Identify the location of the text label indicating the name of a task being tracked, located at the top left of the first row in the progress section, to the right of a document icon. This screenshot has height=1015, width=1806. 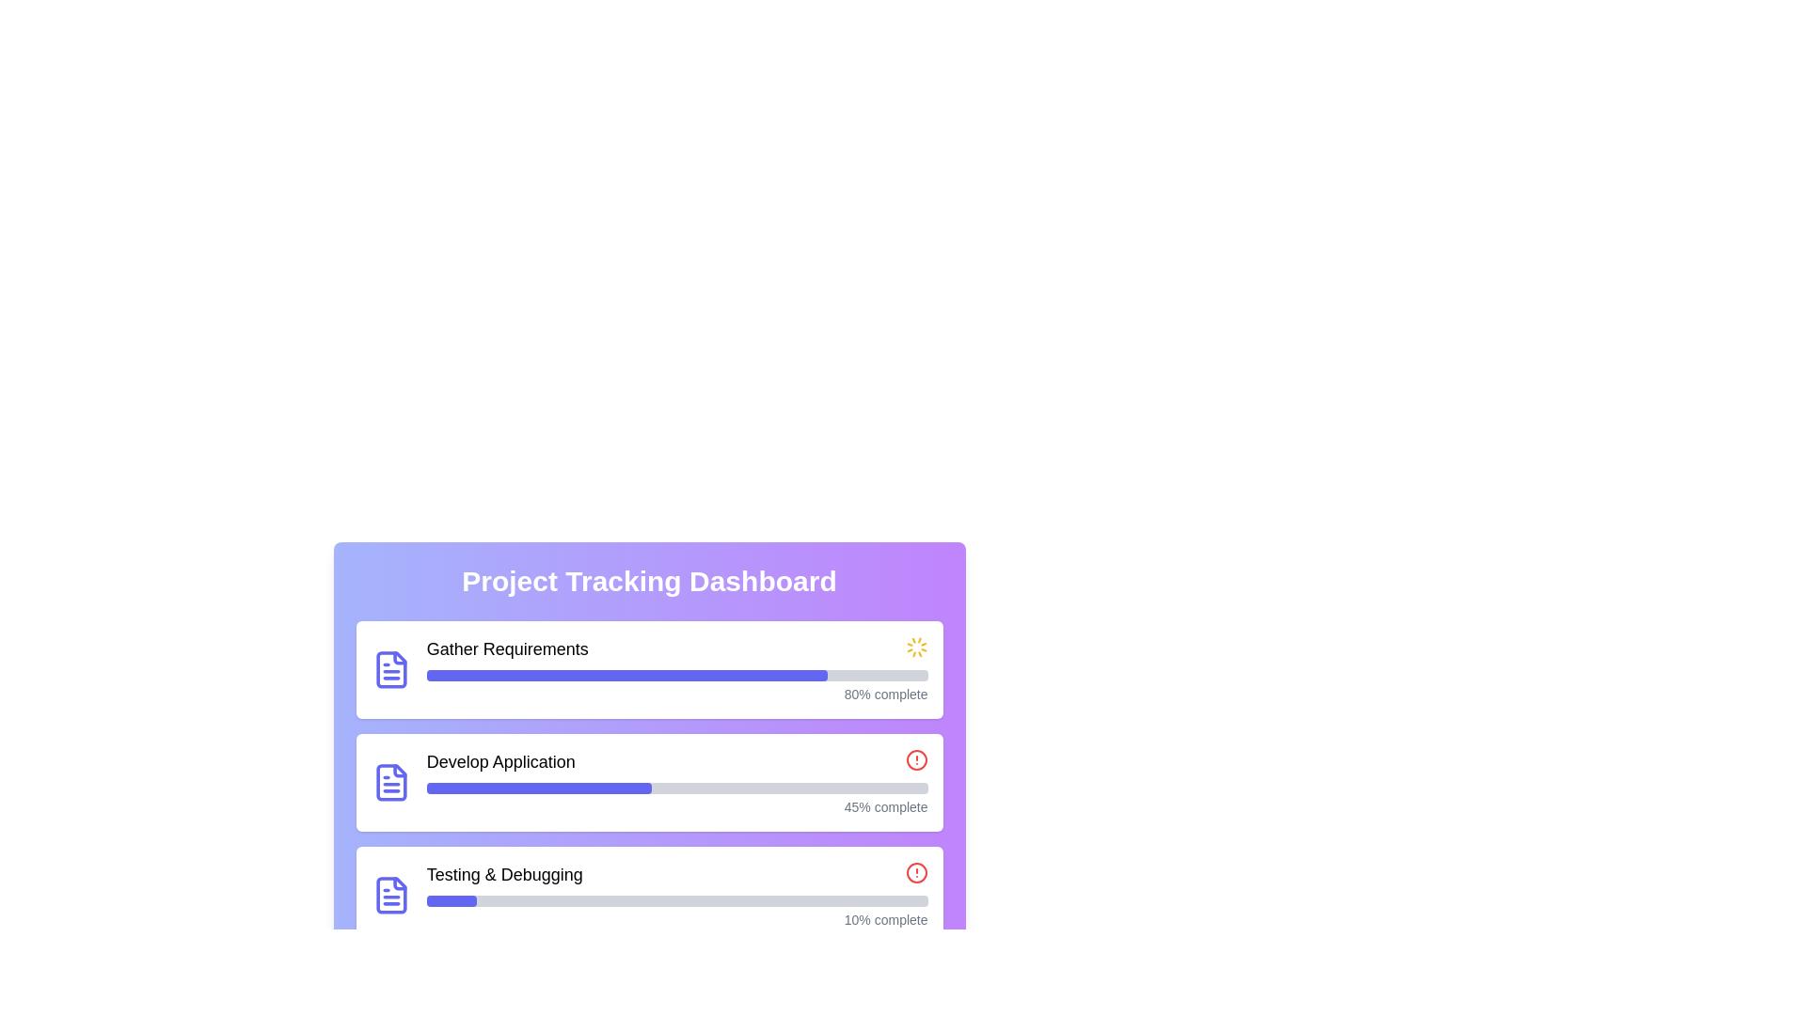
(507, 648).